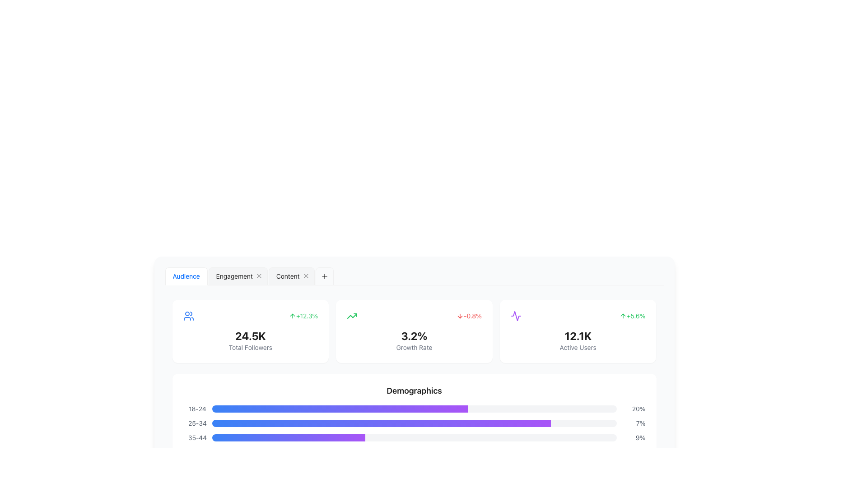 Image resolution: width=867 pixels, height=487 pixels. I want to click on the close icon on the 'Engagement' tab, so click(238, 276).